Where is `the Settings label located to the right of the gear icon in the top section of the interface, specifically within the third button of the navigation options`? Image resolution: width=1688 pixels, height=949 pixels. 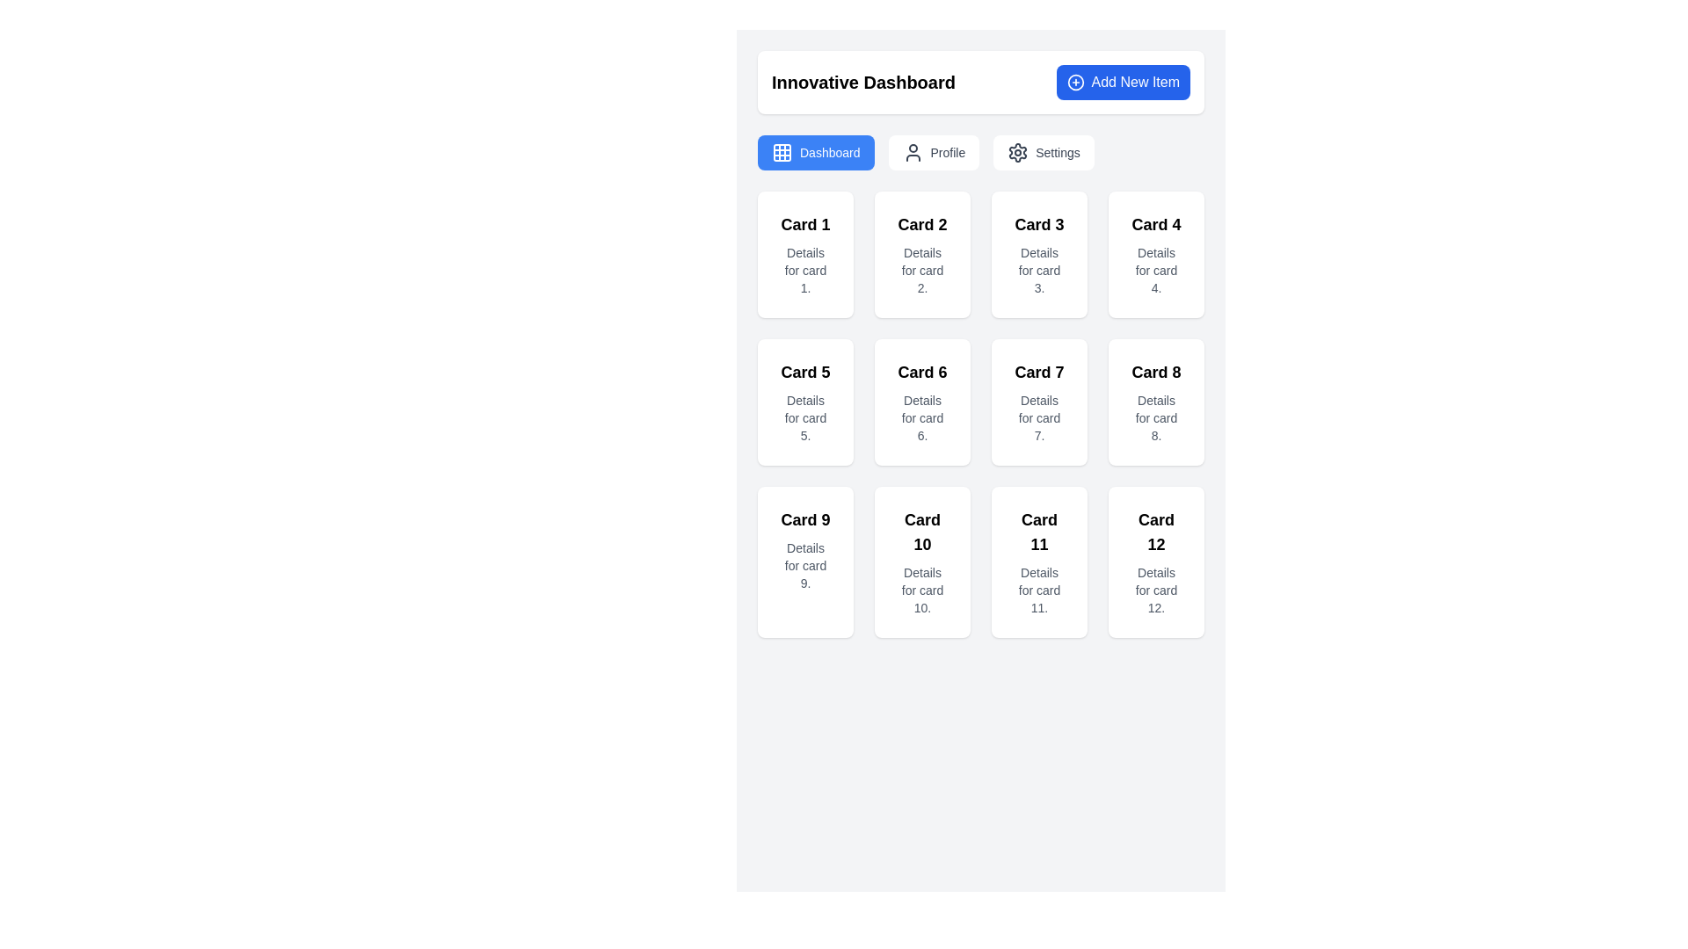 the Settings label located to the right of the gear icon in the top section of the interface, specifically within the third button of the navigation options is located at coordinates (1057, 151).